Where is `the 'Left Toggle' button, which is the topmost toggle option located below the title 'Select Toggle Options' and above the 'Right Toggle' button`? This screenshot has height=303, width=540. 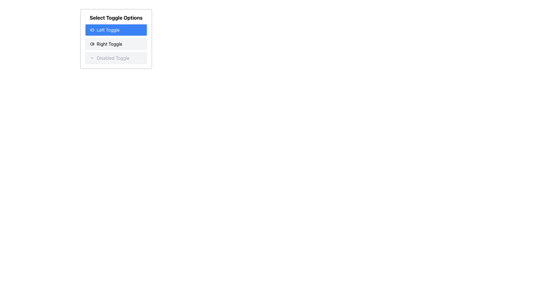
the 'Left Toggle' button, which is the topmost toggle option located below the title 'Select Toggle Options' and above the 'Right Toggle' button is located at coordinates (116, 30).